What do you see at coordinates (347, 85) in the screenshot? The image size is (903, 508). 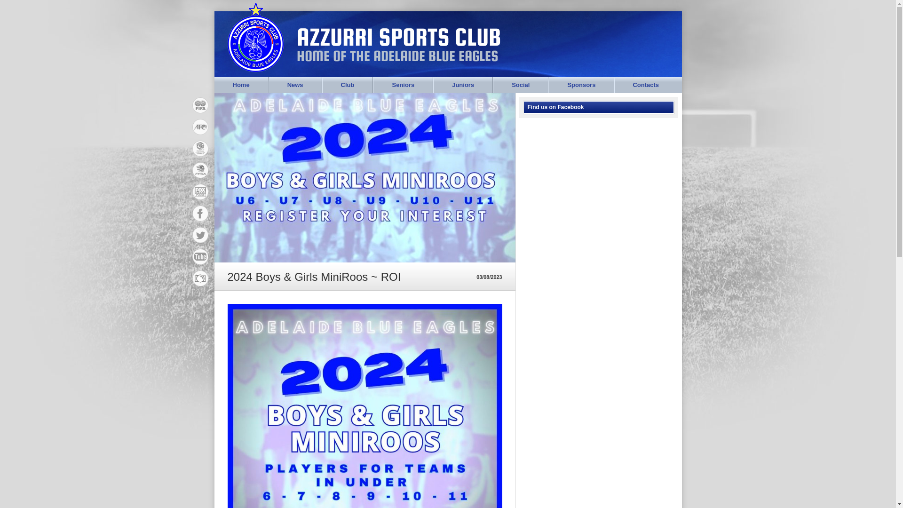 I see `'Club'` at bounding box center [347, 85].